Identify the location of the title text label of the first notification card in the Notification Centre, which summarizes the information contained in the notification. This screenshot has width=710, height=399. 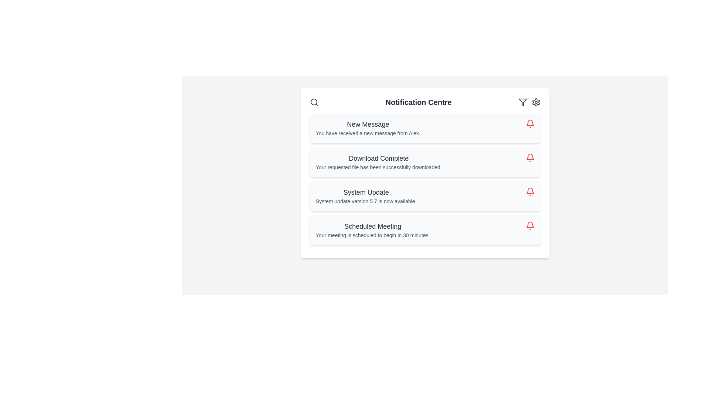
(368, 124).